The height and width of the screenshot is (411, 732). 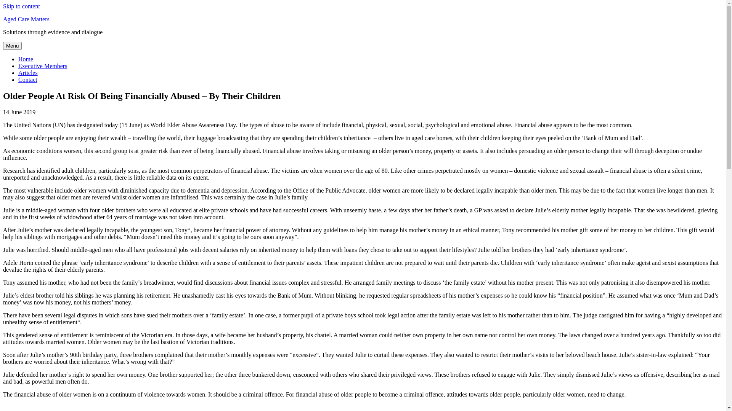 I want to click on 'Executive Members', so click(x=42, y=65).